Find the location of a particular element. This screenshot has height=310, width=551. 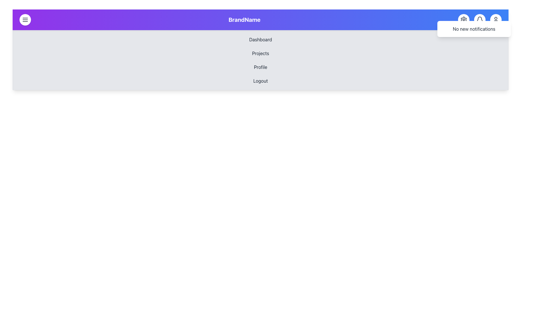

the notification icon located in the top-right corner of the header, which is the second element in a group of three items is located at coordinates (480, 20).